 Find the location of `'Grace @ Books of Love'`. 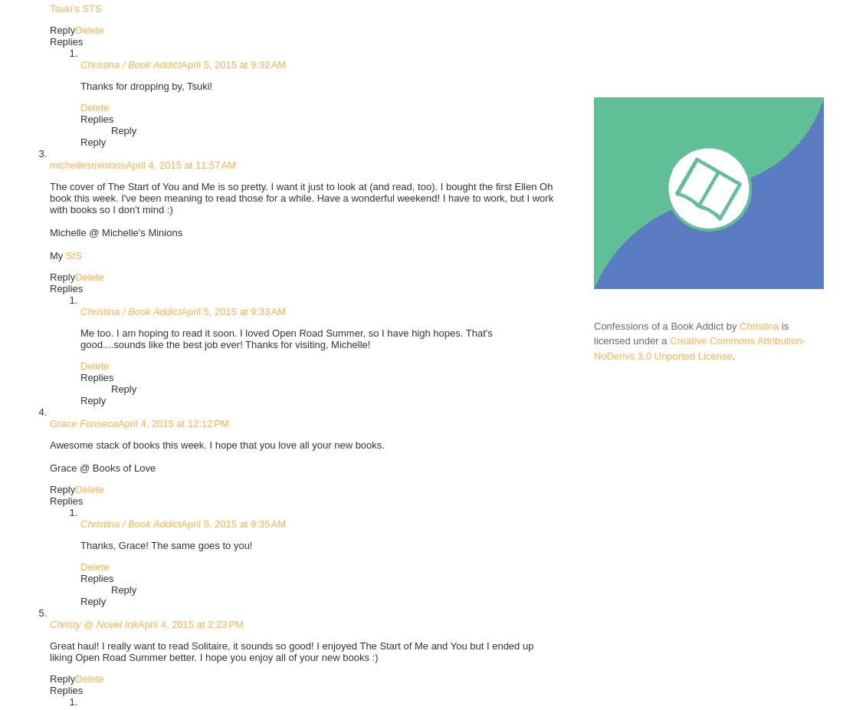

'Grace @ Books of Love' is located at coordinates (102, 466).